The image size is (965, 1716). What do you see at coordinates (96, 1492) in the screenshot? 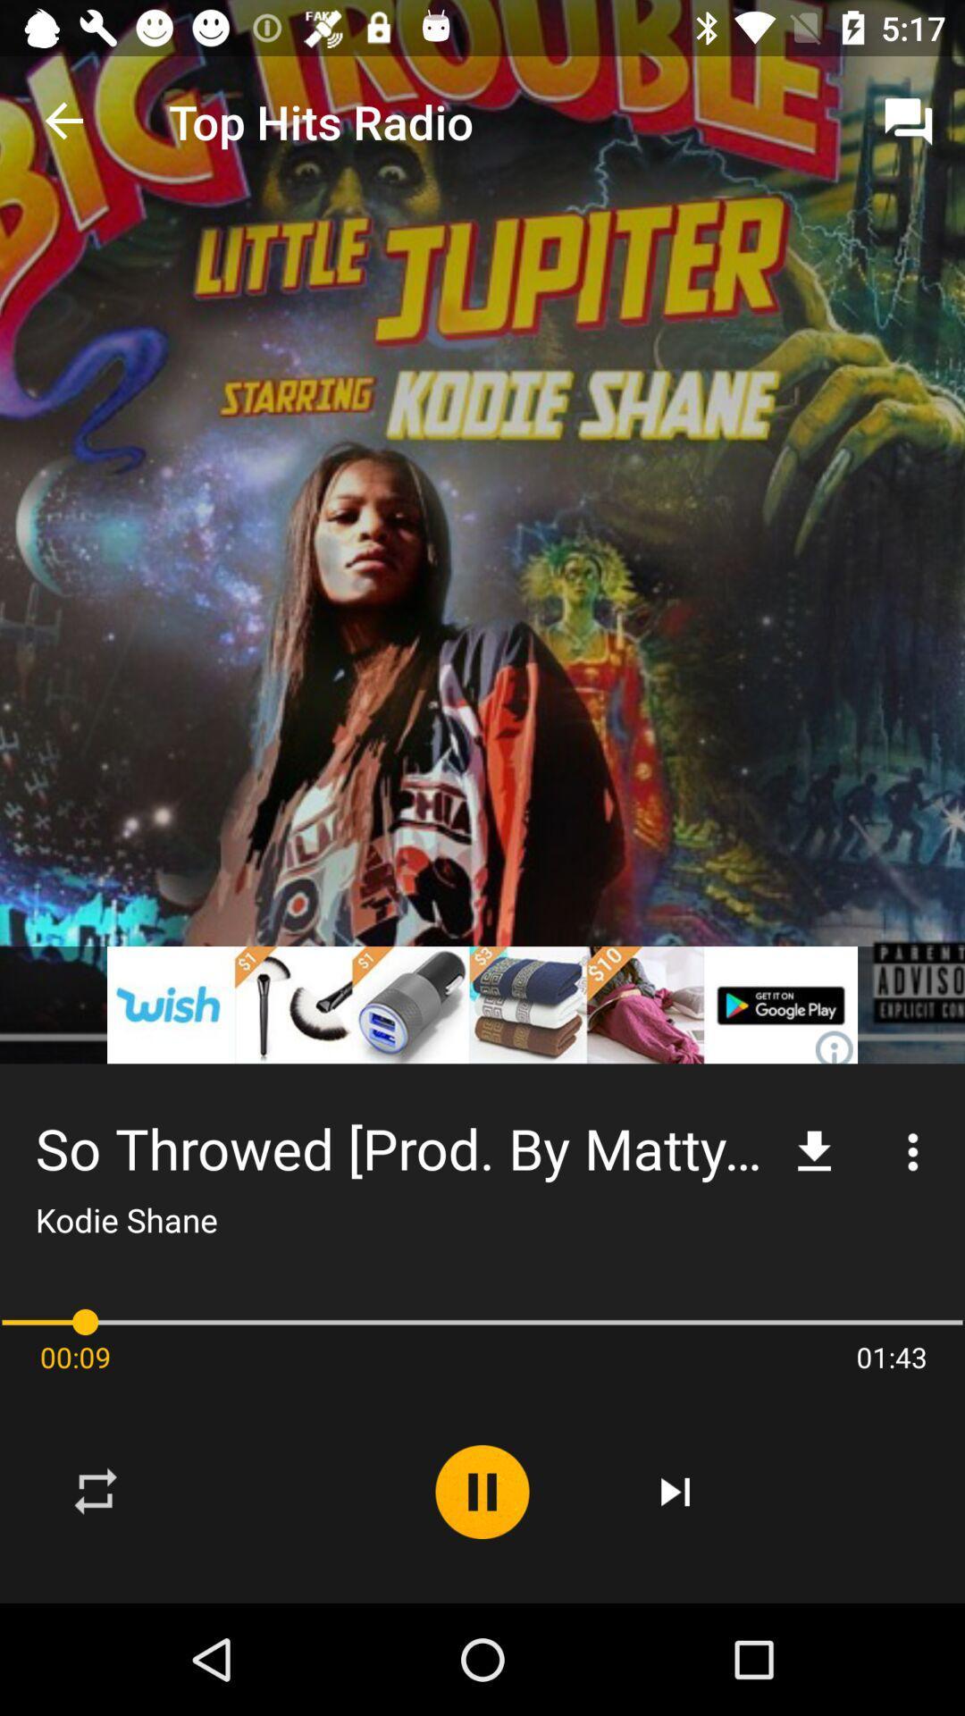
I see `the repeat icon` at bounding box center [96, 1492].